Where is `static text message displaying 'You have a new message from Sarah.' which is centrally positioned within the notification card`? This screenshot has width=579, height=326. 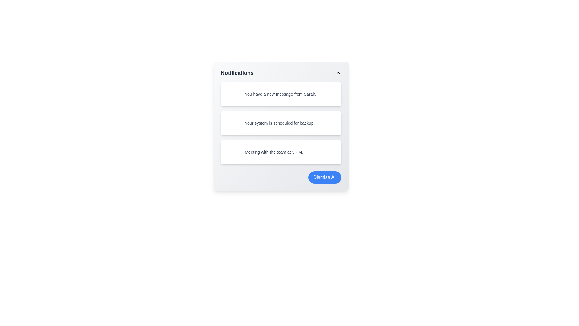 static text message displaying 'You have a new message from Sarah.' which is centrally positioned within the notification card is located at coordinates (280, 94).